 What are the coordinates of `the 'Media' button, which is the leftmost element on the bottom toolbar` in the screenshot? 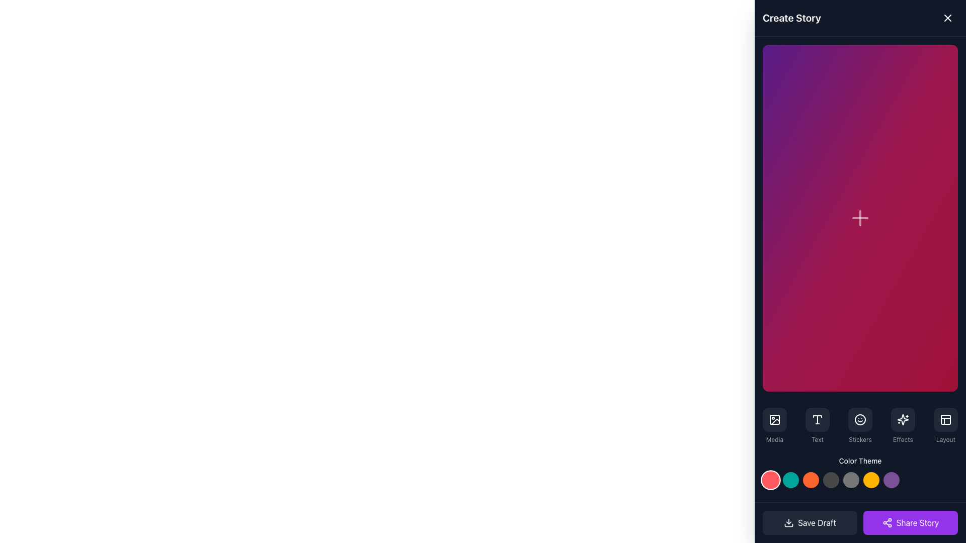 It's located at (774, 425).